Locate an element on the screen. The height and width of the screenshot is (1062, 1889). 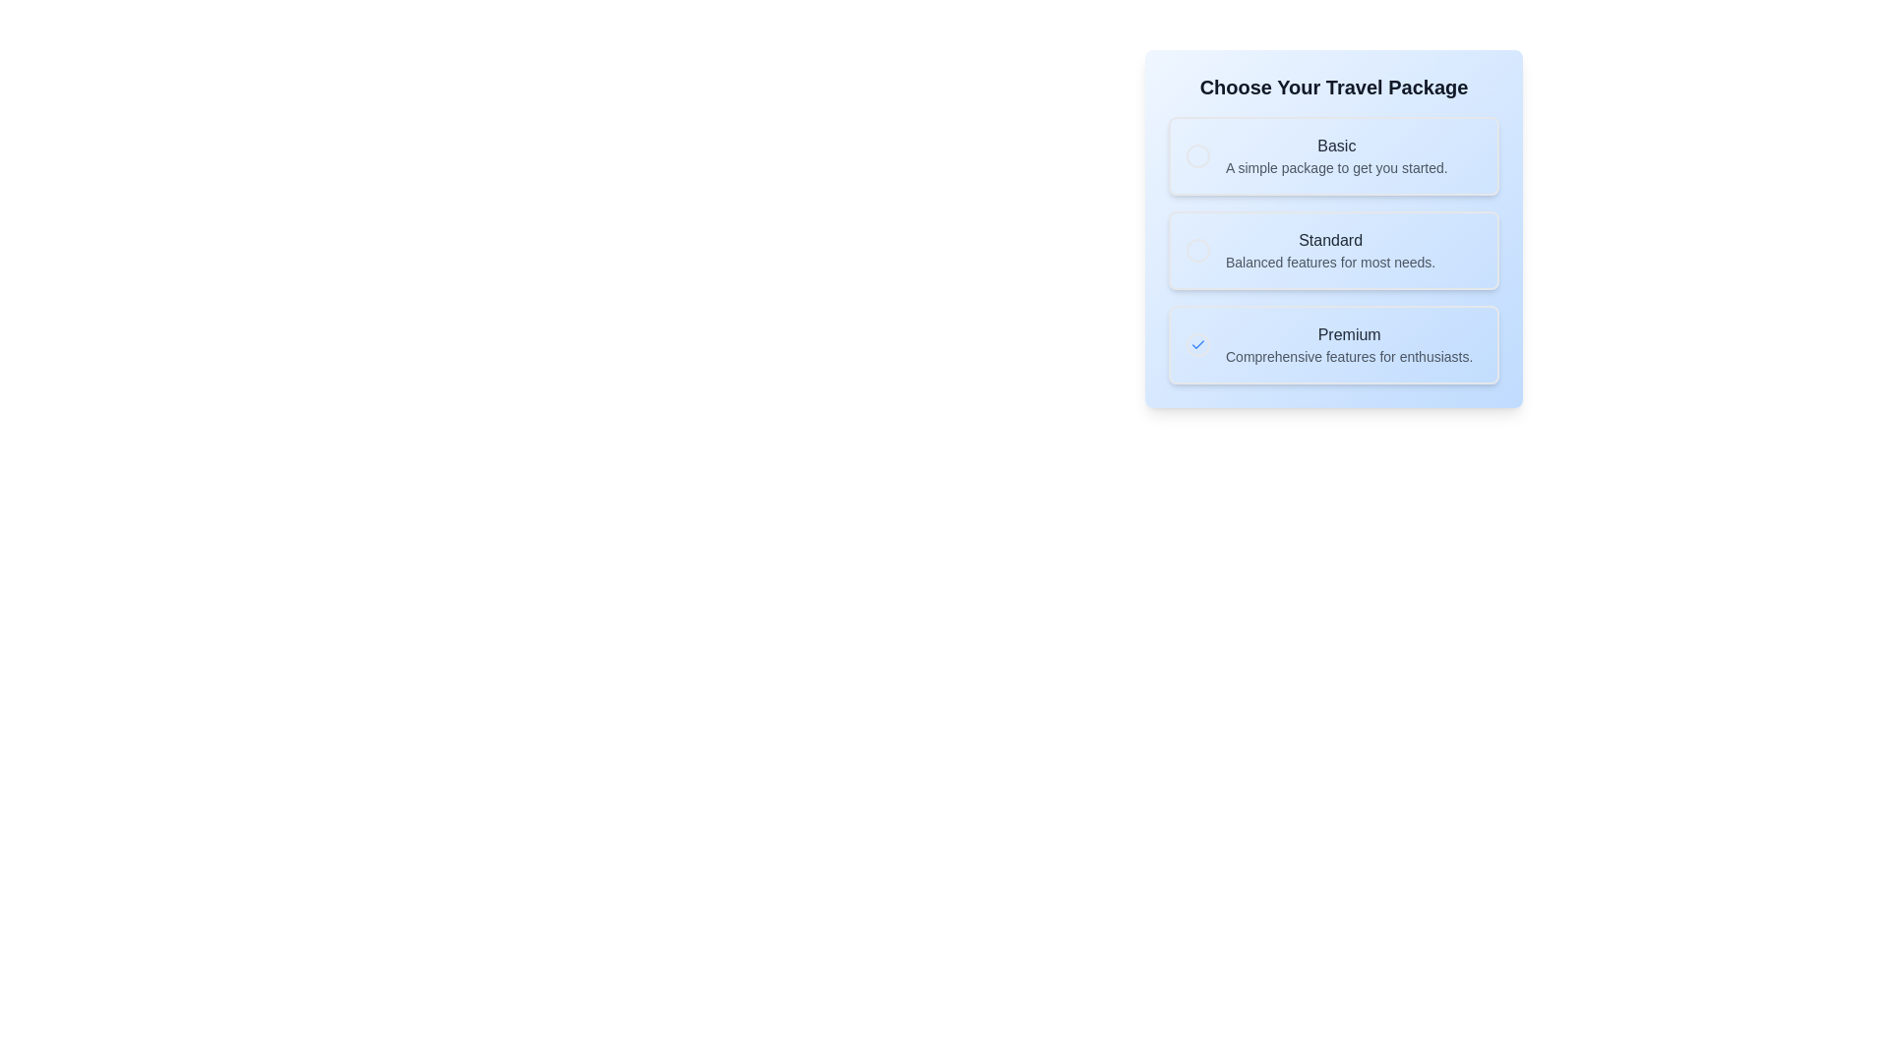
the text label displaying 'Comprehensive features for enthusiasts.' located beneath the 'Premium' option in the travel package list is located at coordinates (1348, 356).